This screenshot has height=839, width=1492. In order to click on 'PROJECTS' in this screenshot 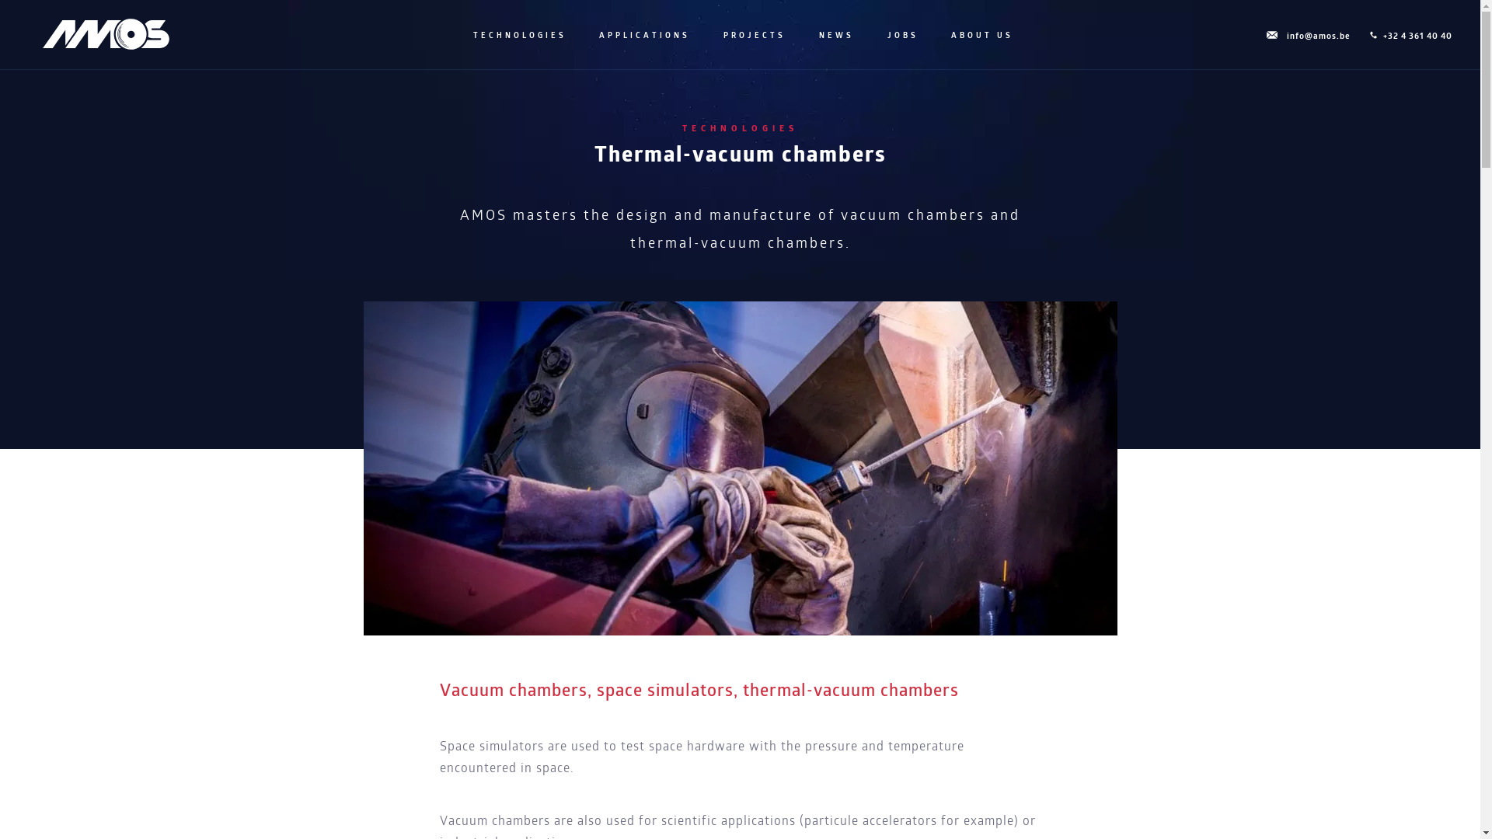, I will do `click(753, 35)`.